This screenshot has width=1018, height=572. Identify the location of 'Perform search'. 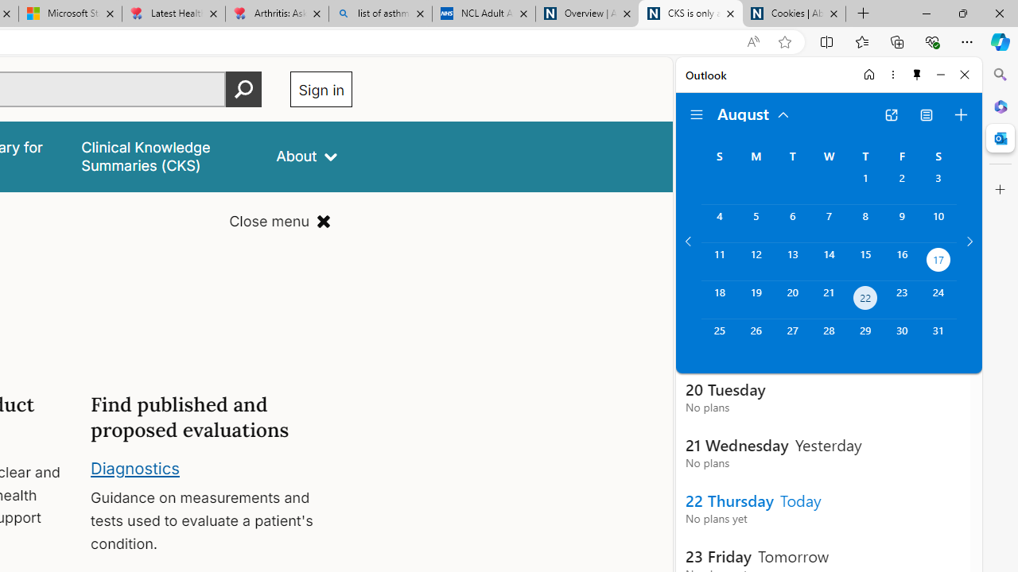
(243, 89).